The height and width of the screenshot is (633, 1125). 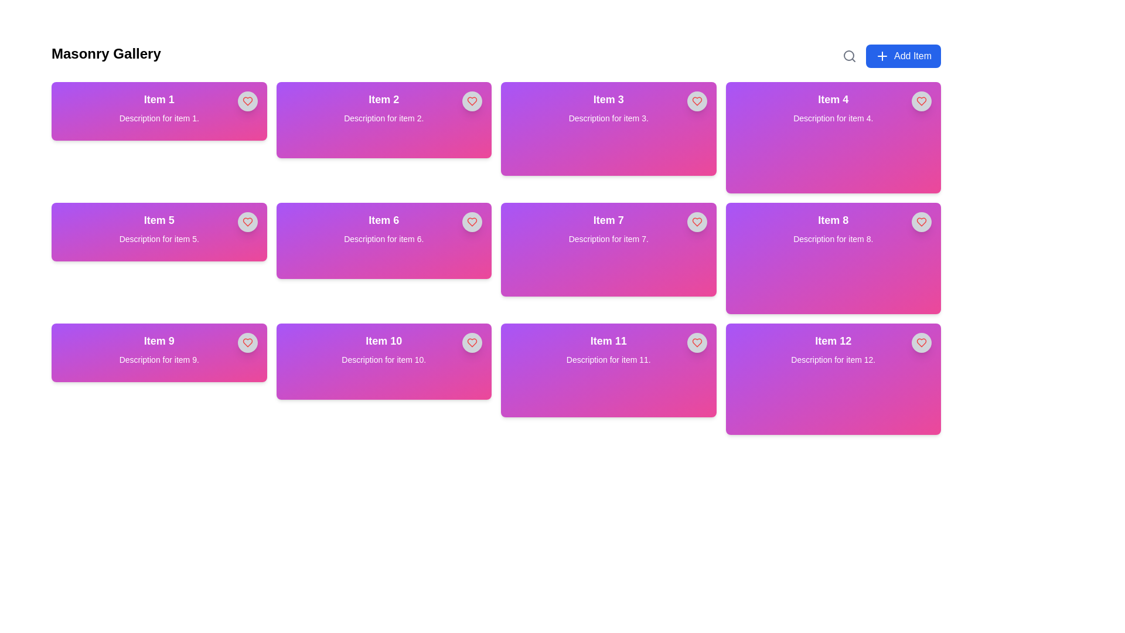 I want to click on the heart icon outlined in red located within the circular button at the top-right corner of the card titled 'Item 8', so click(x=921, y=222).